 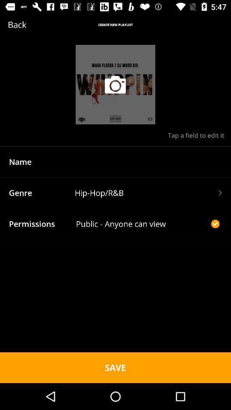 I want to click on the icon to the right of genre, so click(x=148, y=193).